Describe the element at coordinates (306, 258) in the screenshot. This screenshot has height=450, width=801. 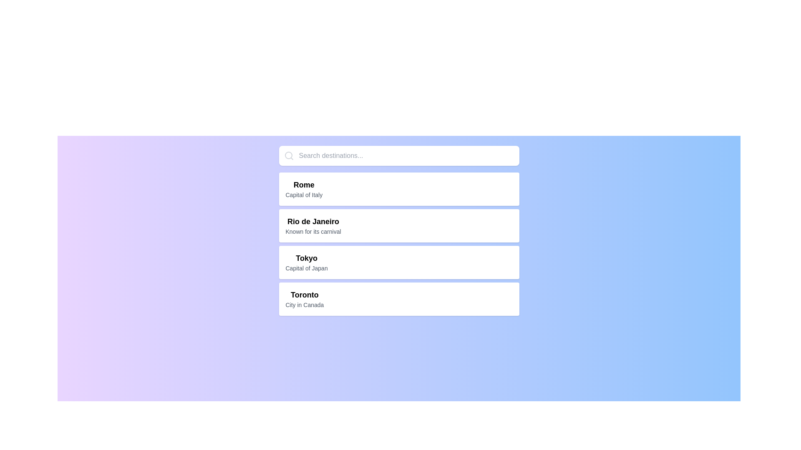
I see `the non-interactive text label displaying 'Tokyo' which is styled in bold, large-sized font and is positioned prominently in a vertical list of city names` at that location.